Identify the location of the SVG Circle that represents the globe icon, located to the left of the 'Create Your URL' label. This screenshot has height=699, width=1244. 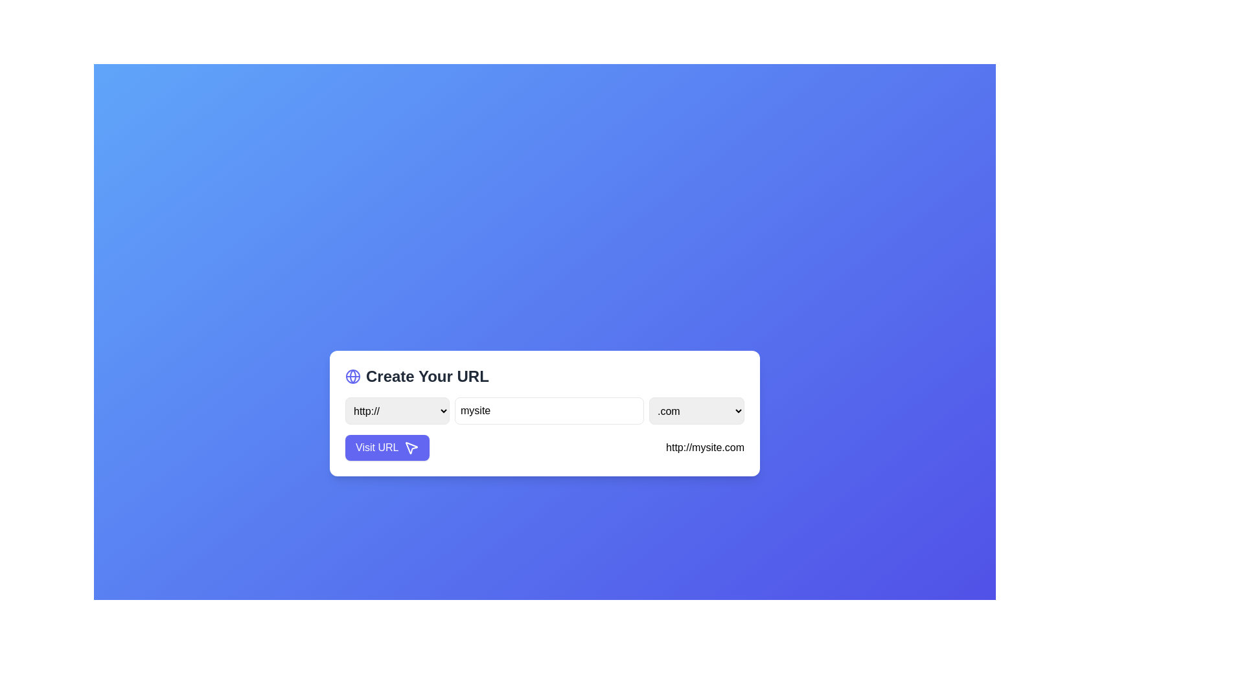
(353, 377).